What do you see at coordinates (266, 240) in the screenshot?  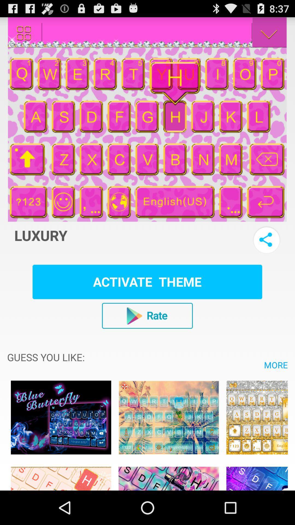 I see `share` at bounding box center [266, 240].